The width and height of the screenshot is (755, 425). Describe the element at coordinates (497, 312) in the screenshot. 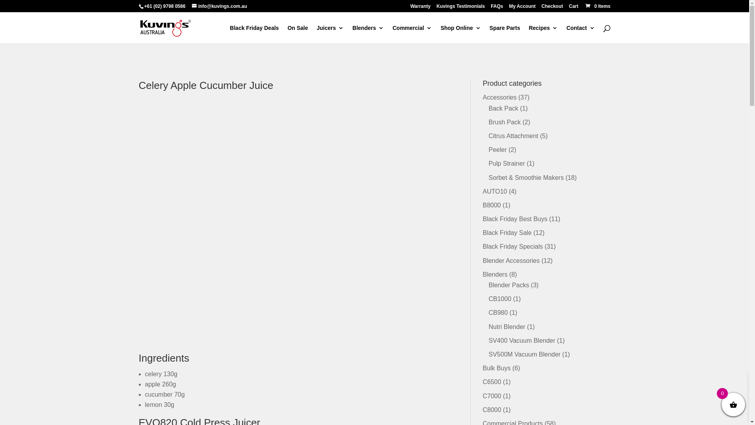

I see `'CB980'` at that location.